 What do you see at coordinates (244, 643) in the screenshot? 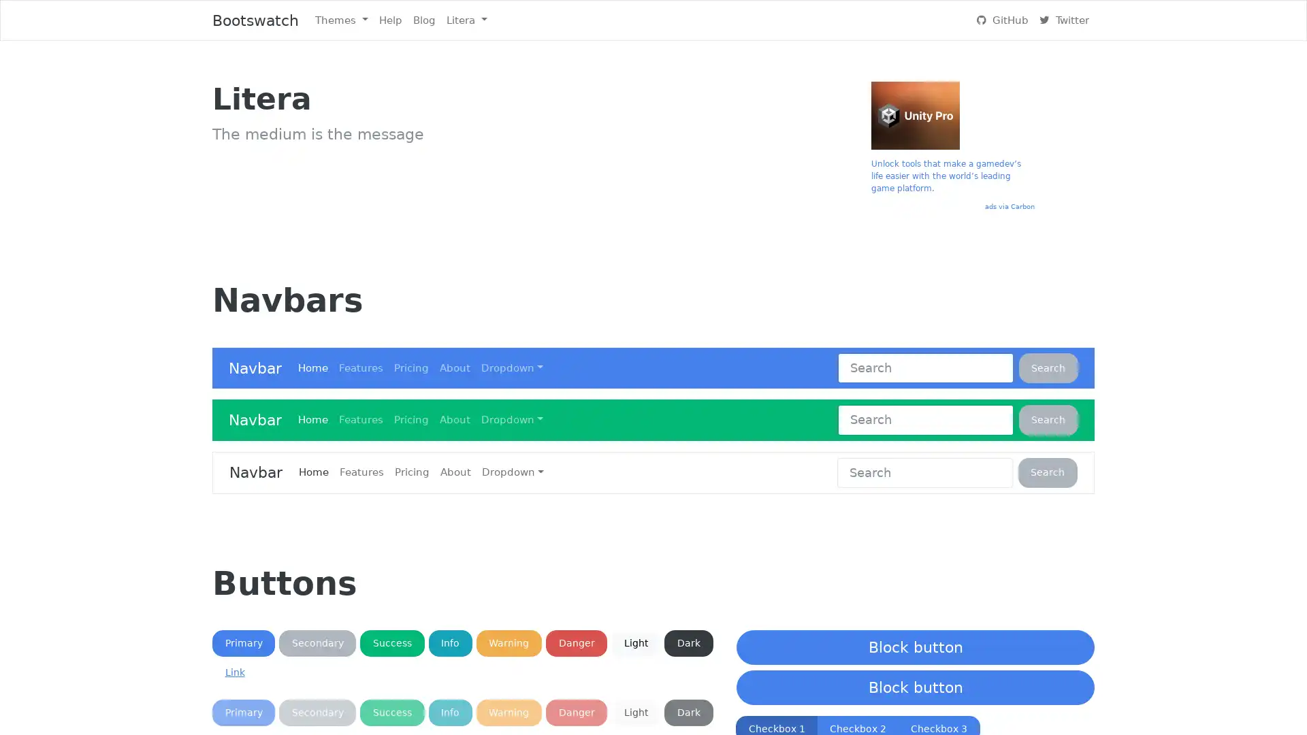
I see `Primary` at bounding box center [244, 643].